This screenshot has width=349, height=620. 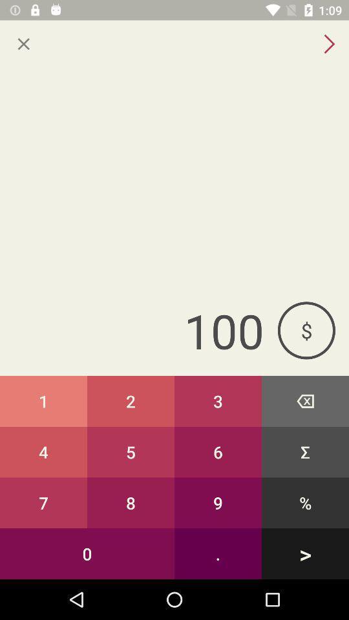 I want to click on the app, so click(x=23, y=44).